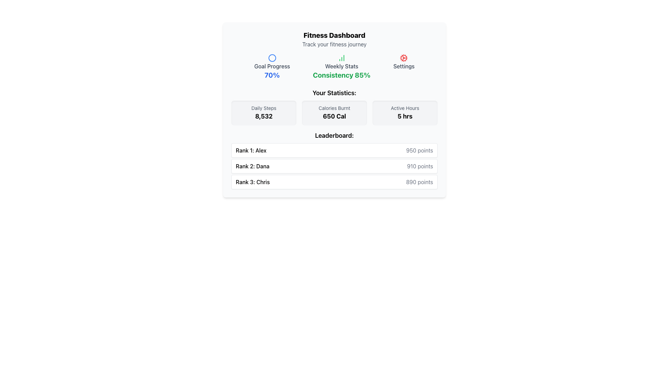 The height and width of the screenshot is (371, 661). I want to click on text displayed in the Static Text Label indicating the rank and name of the participant ('Rank 3: Chris') in the leaderboard, located in the third row of the leaderboard list, so click(252, 181).